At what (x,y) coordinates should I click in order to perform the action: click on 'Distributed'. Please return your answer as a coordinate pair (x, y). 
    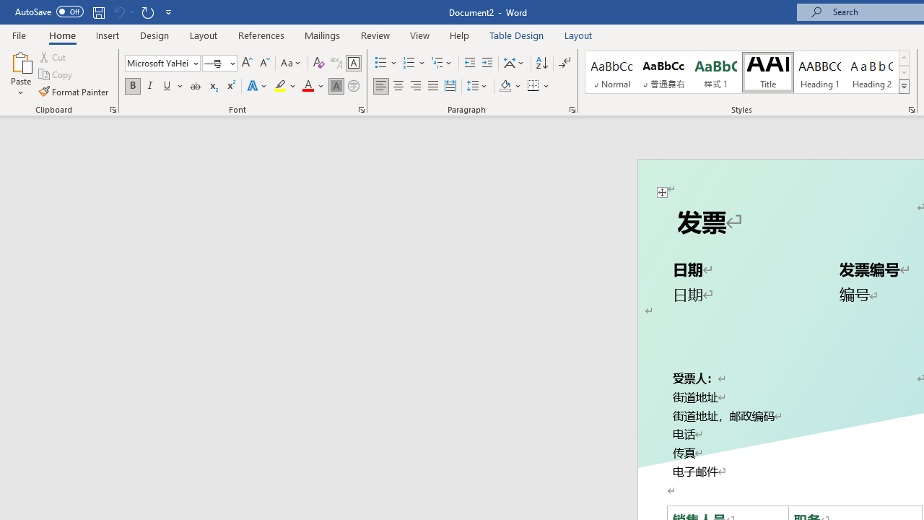
    Looking at the image, I should click on (450, 86).